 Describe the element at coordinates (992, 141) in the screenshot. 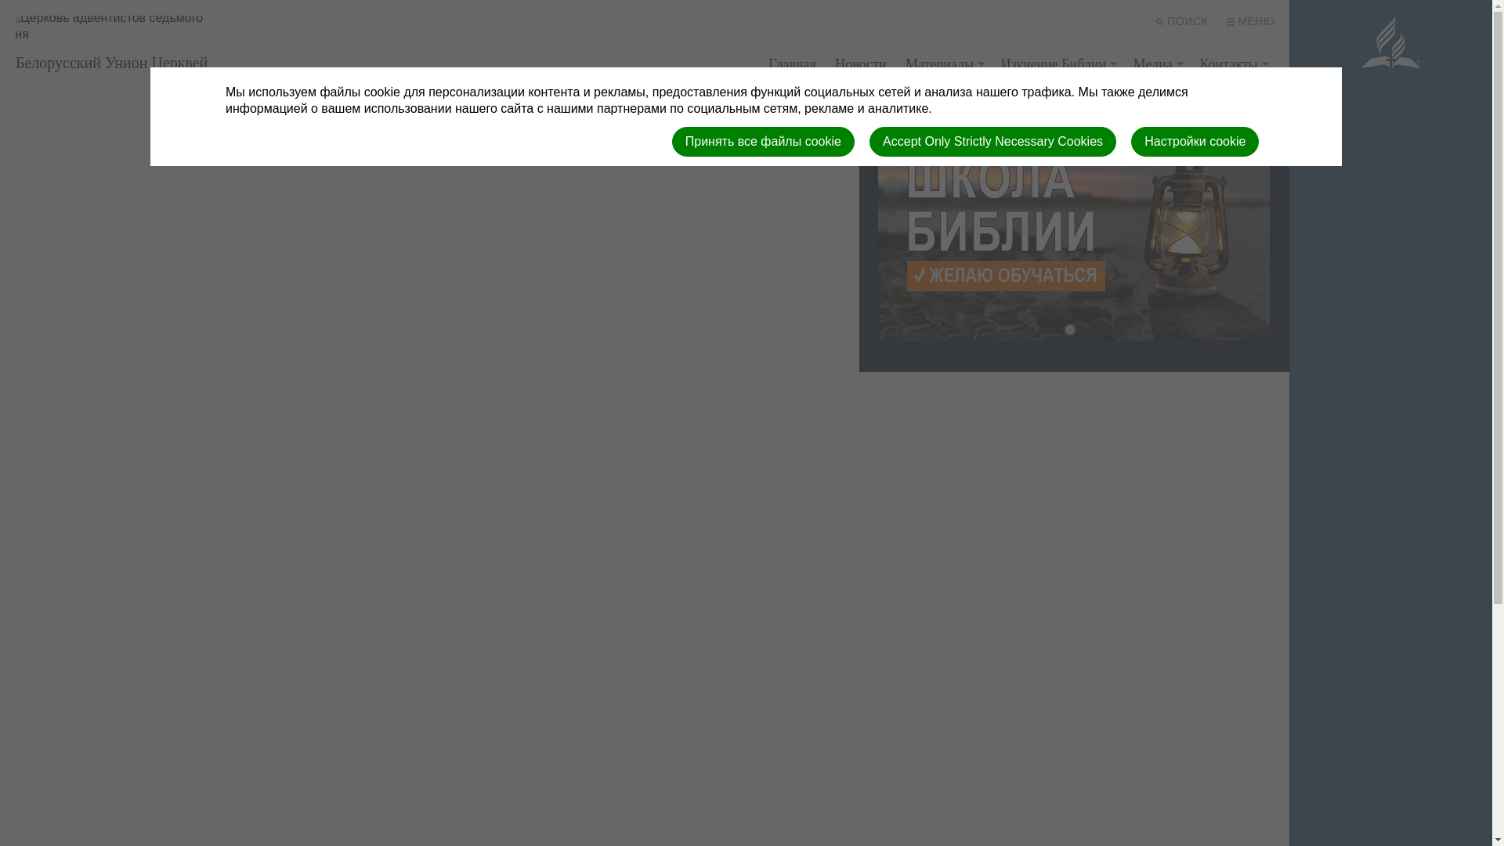

I see `'Accept Only Strictly Necessary Cookies'` at that location.